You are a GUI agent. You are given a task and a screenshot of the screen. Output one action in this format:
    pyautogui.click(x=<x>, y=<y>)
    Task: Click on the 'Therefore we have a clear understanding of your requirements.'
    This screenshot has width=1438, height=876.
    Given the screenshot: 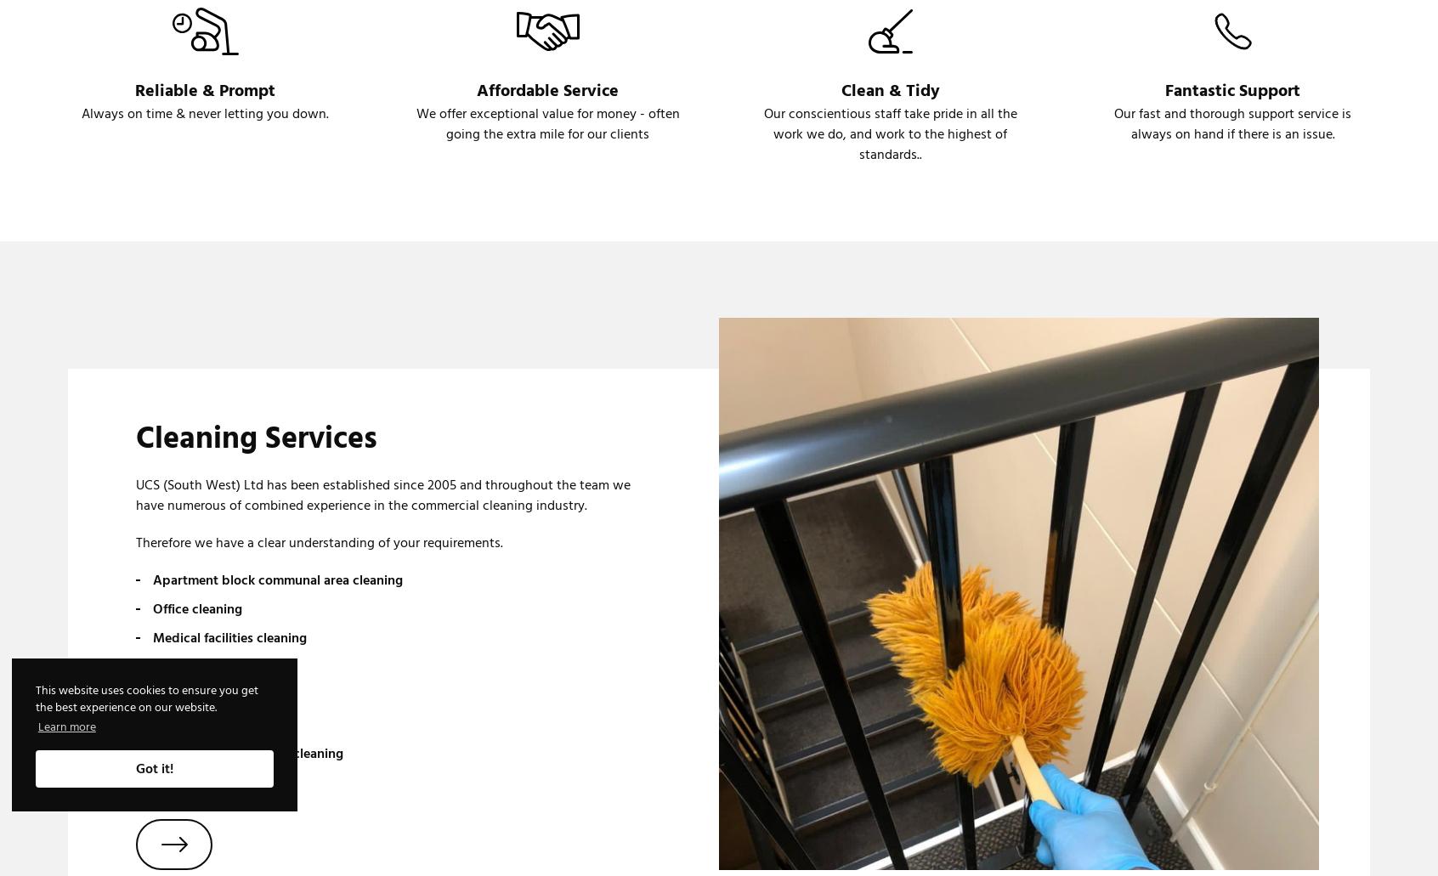 What is the action you would take?
    pyautogui.click(x=319, y=543)
    